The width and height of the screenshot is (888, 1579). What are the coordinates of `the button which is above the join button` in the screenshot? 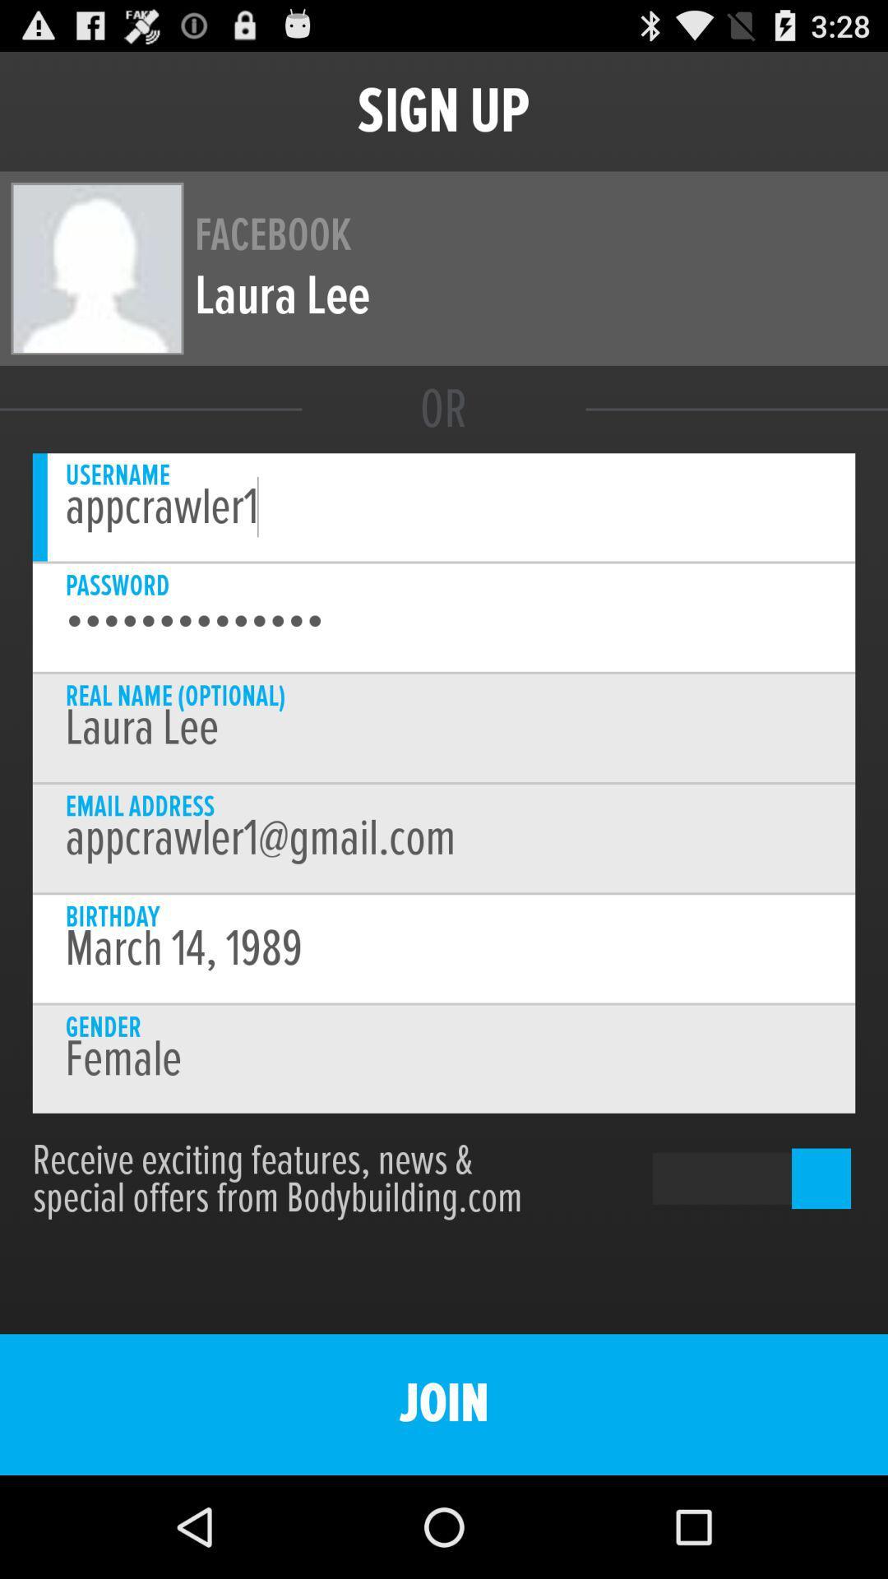 It's located at (724, 1178).